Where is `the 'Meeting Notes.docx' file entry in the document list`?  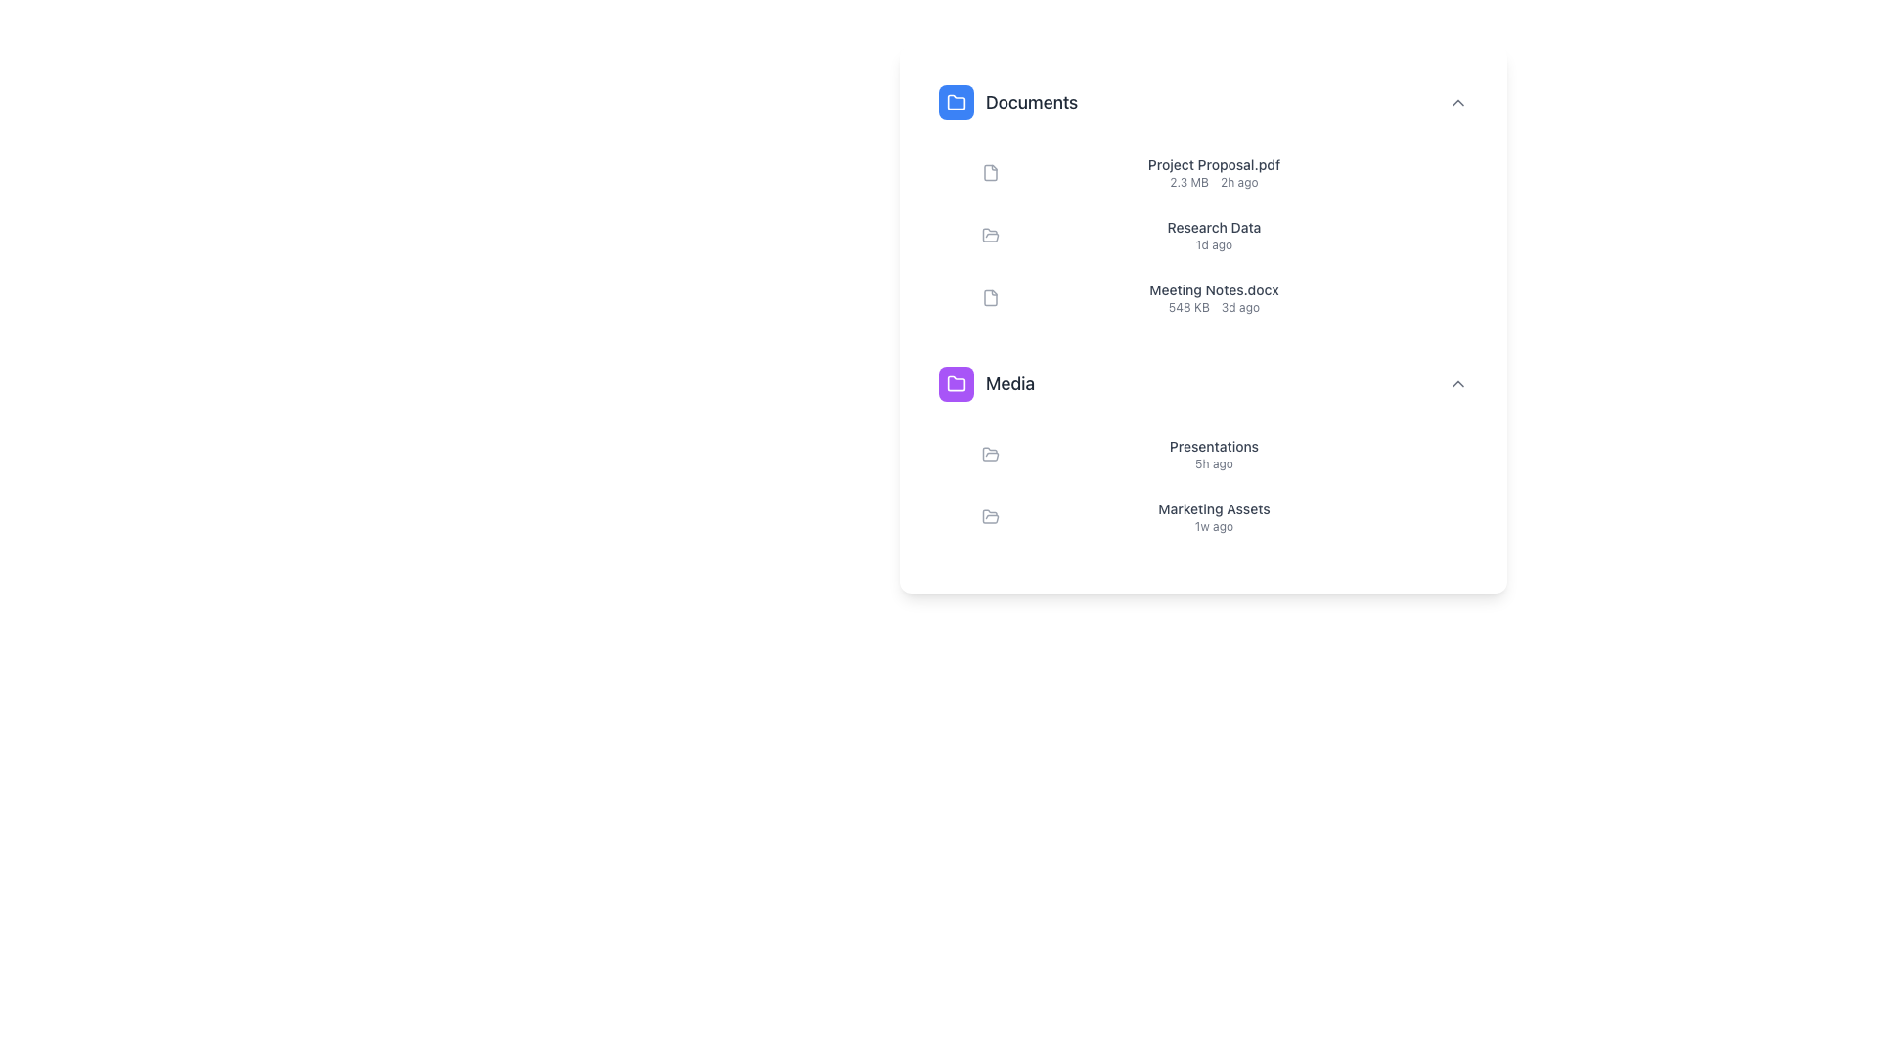 the 'Meeting Notes.docx' file entry in the document list is located at coordinates (1226, 297).